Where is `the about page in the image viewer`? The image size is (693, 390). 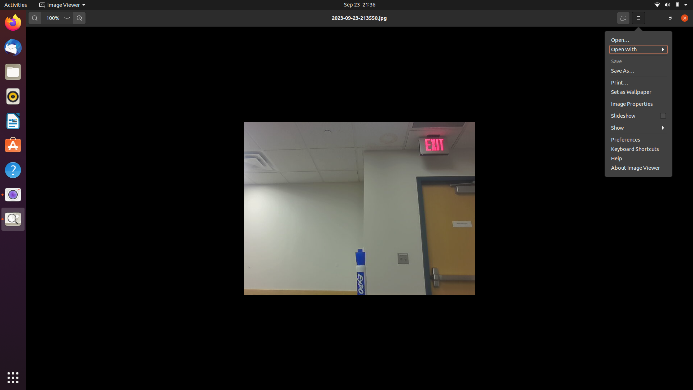
the about page in the image viewer is located at coordinates (636, 139).